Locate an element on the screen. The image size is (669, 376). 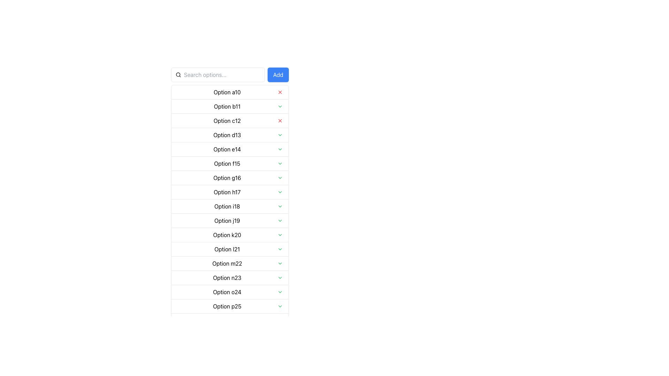
text content of the label 'Option p25' which is displayed as the main label in a list item at the bottom of a vertically stacked list is located at coordinates (227, 306).